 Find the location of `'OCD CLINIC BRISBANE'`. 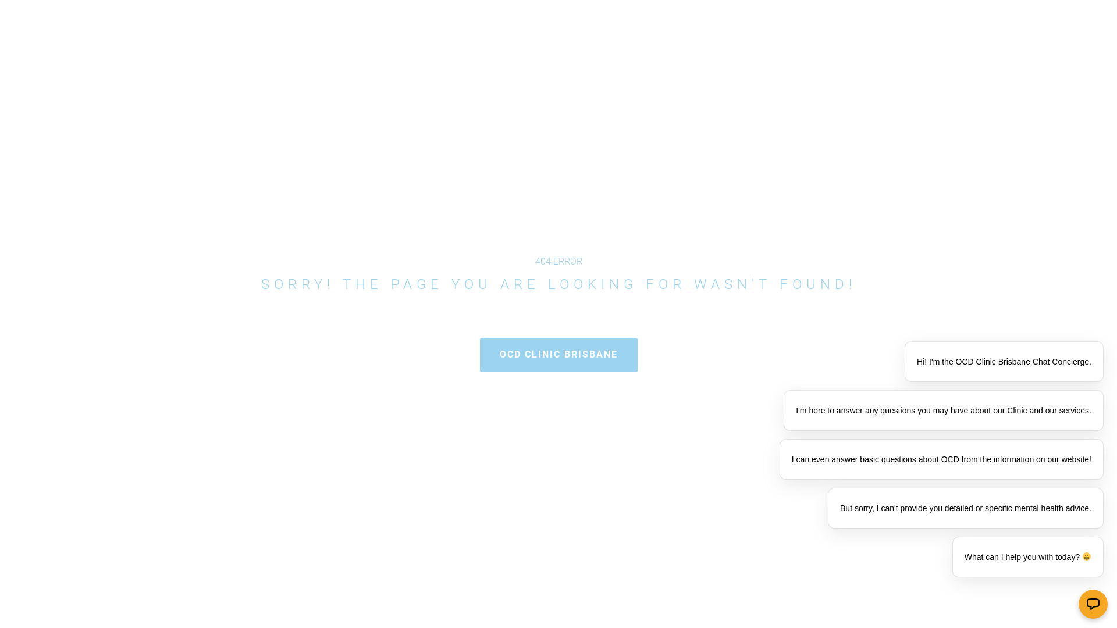

'OCD CLINIC BRISBANE' is located at coordinates (557, 354).